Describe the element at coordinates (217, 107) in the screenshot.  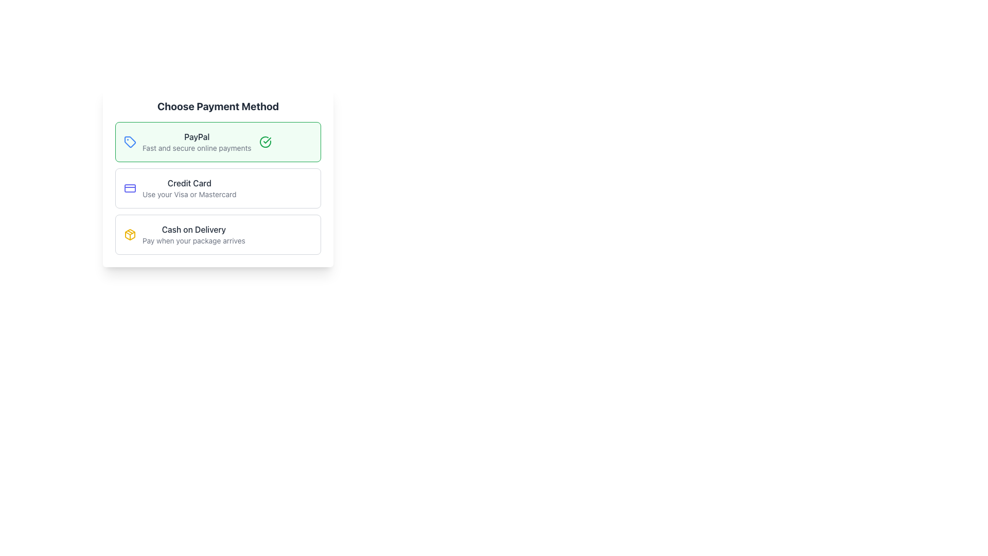
I see `the 'Choose Payment Method' title element, which is a bold, large-sized dark gray text located above the payment method options` at that location.